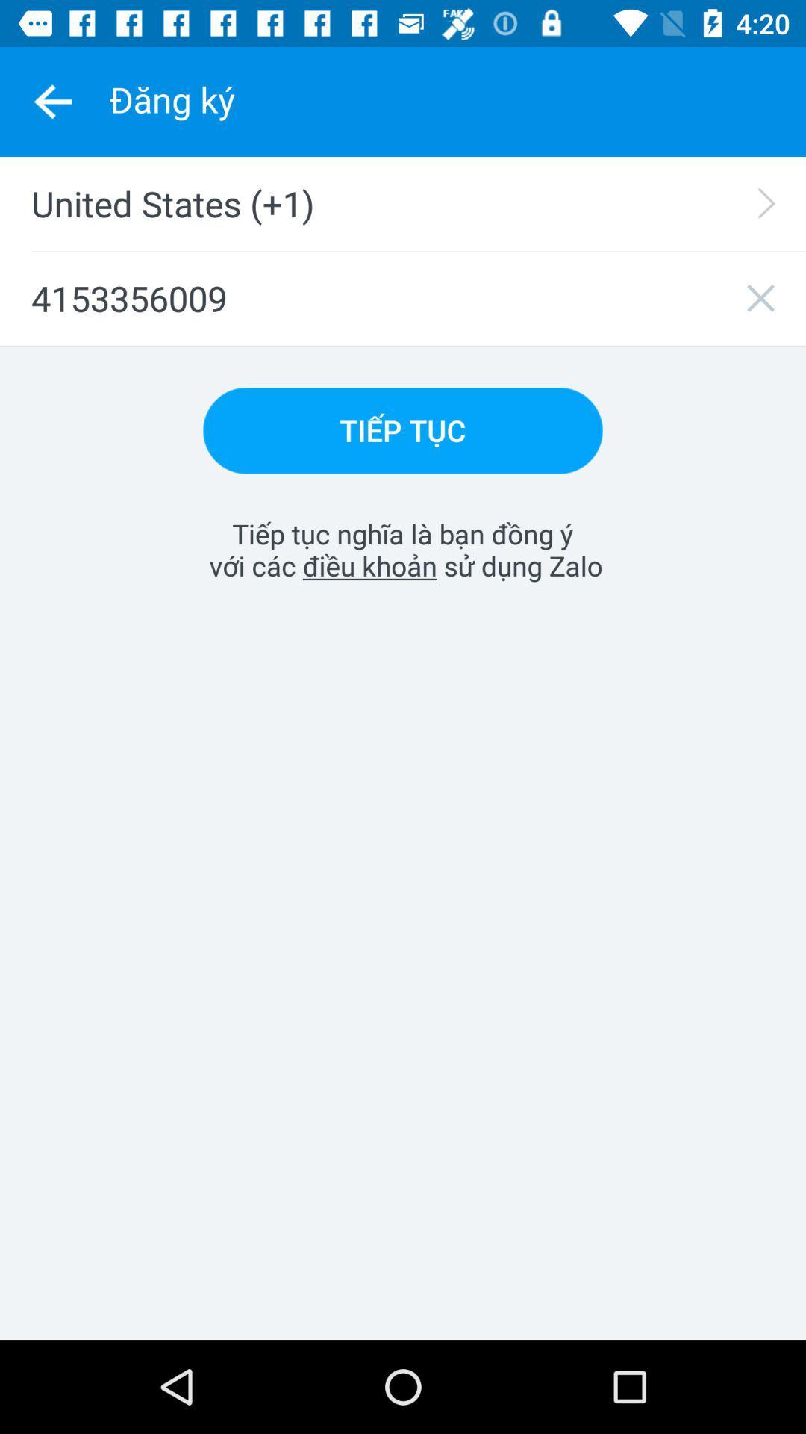 This screenshot has width=806, height=1434. What do you see at coordinates (403, 298) in the screenshot?
I see `4153356009 icon` at bounding box center [403, 298].